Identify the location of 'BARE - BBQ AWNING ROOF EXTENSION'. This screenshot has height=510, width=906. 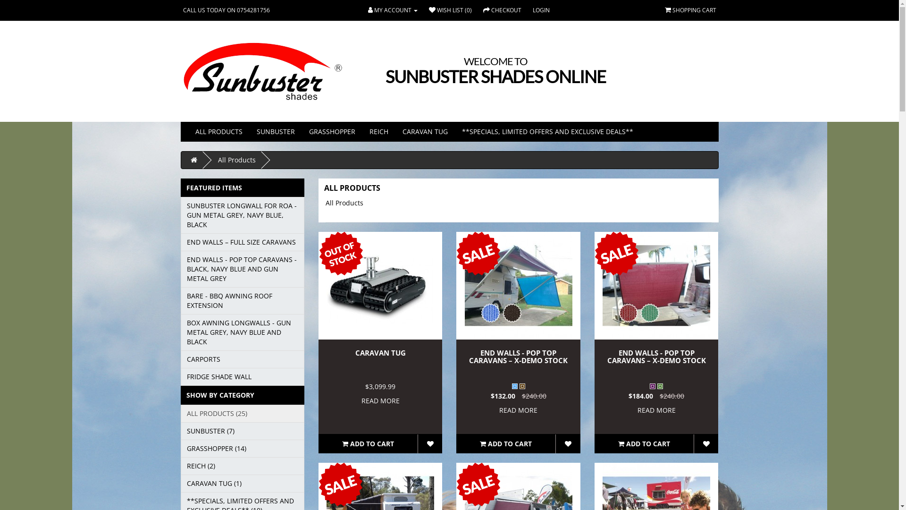
(180, 300).